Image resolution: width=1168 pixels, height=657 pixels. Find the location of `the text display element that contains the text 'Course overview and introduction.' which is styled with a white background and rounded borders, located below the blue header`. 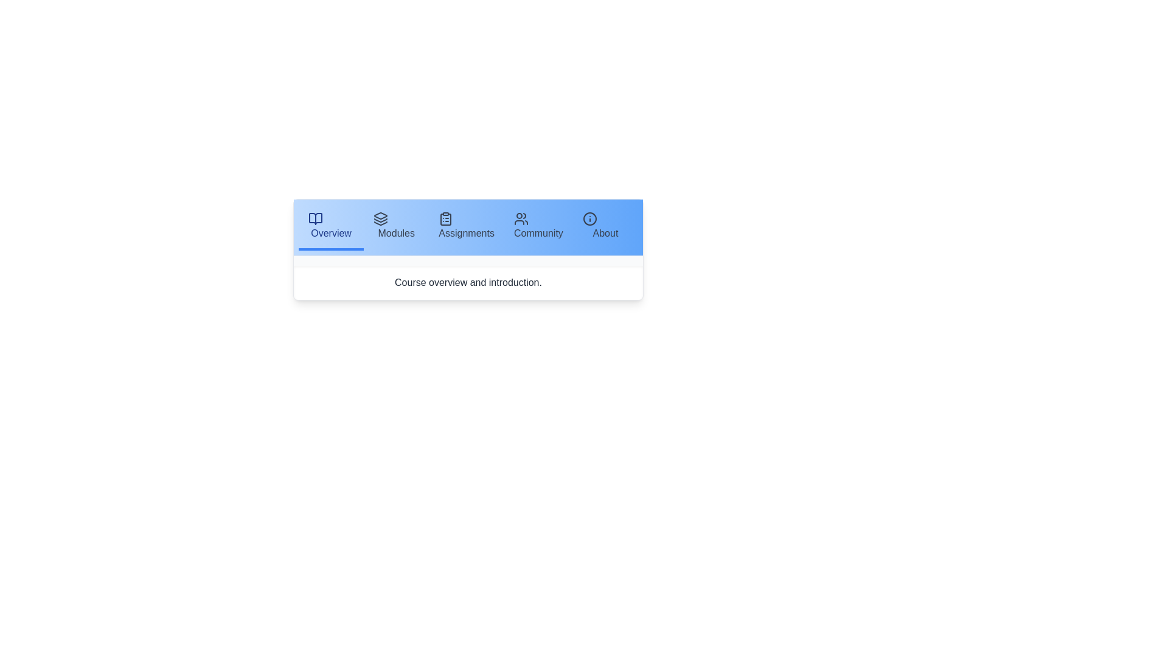

the text display element that contains the text 'Course overview and introduction.' which is styled with a white background and rounded borders, located below the blue header is located at coordinates (467, 283).